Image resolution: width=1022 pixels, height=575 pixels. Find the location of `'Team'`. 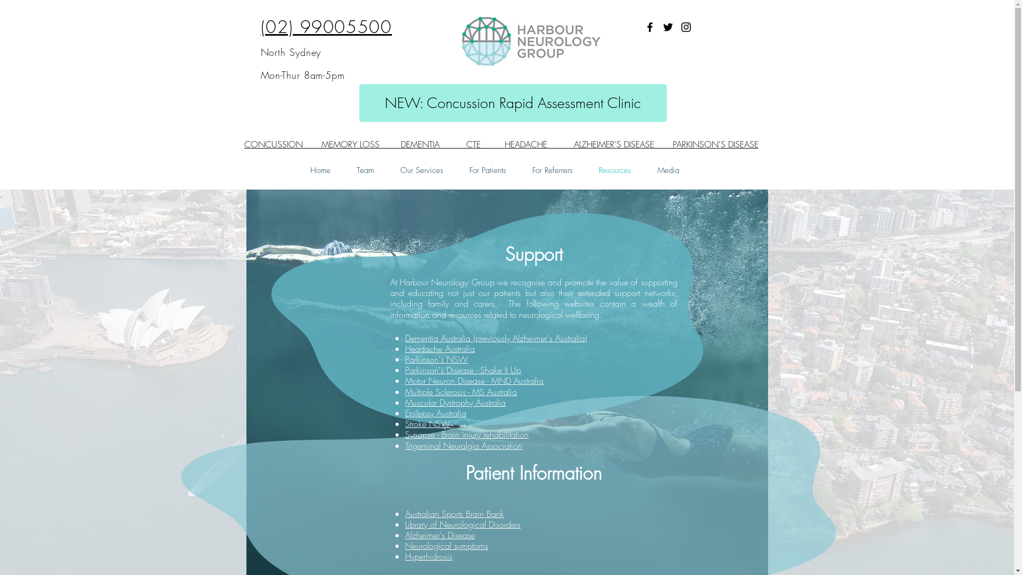

'Team' is located at coordinates (365, 170).